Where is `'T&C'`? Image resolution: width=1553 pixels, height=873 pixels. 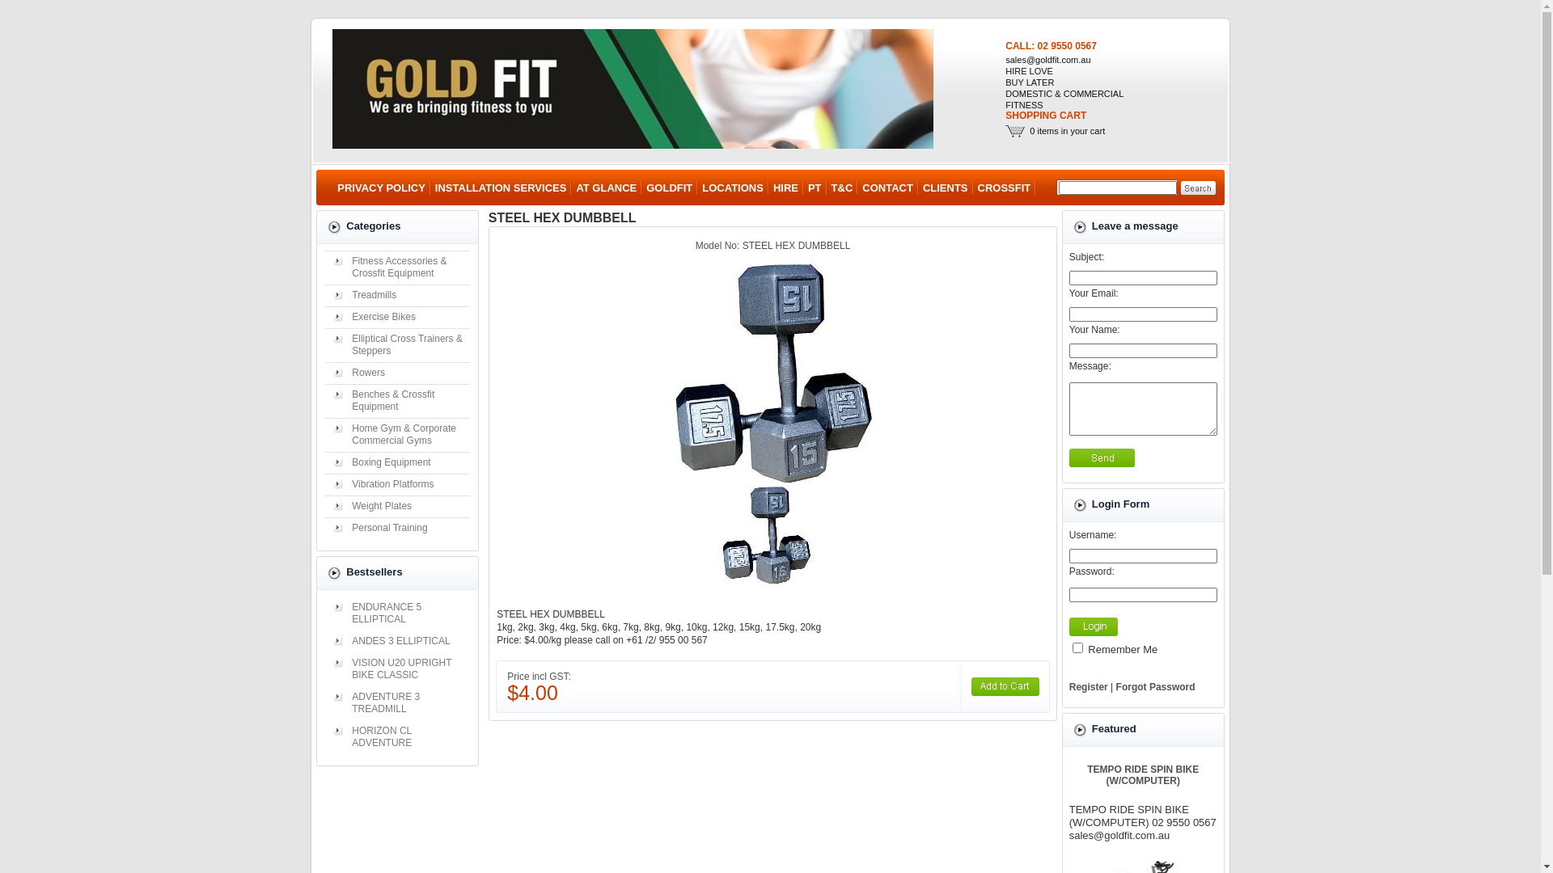
'T&C' is located at coordinates (841, 186).